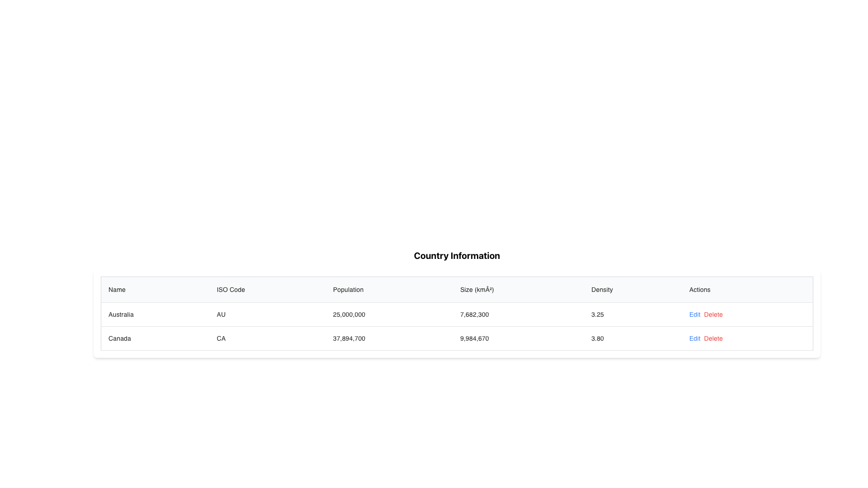 Image resolution: width=868 pixels, height=488 pixels. I want to click on the table cell displaying the population number '37,894,700' for Canada, which is located in the third column of the second row under the 'Population' column, so click(389, 338).